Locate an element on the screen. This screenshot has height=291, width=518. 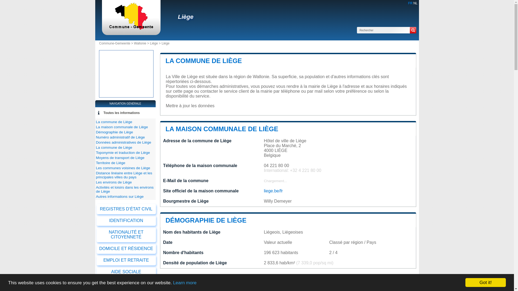
'IDENTIFICATION' is located at coordinates (126, 220).